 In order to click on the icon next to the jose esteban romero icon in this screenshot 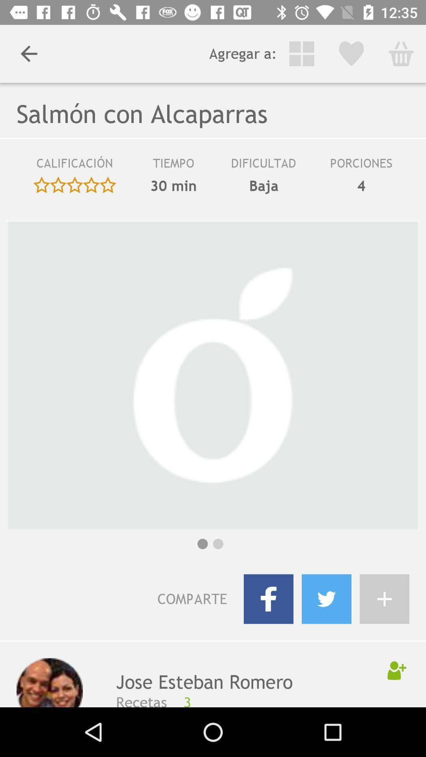, I will do `click(50, 682)`.